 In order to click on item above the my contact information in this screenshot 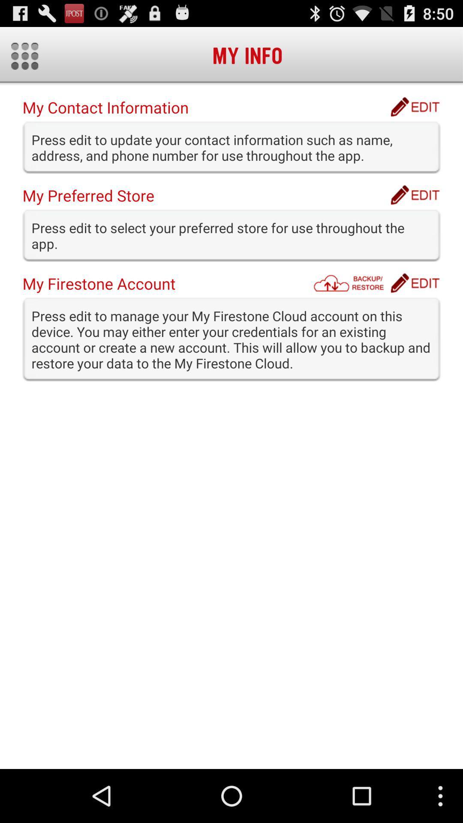, I will do `click(24, 56)`.